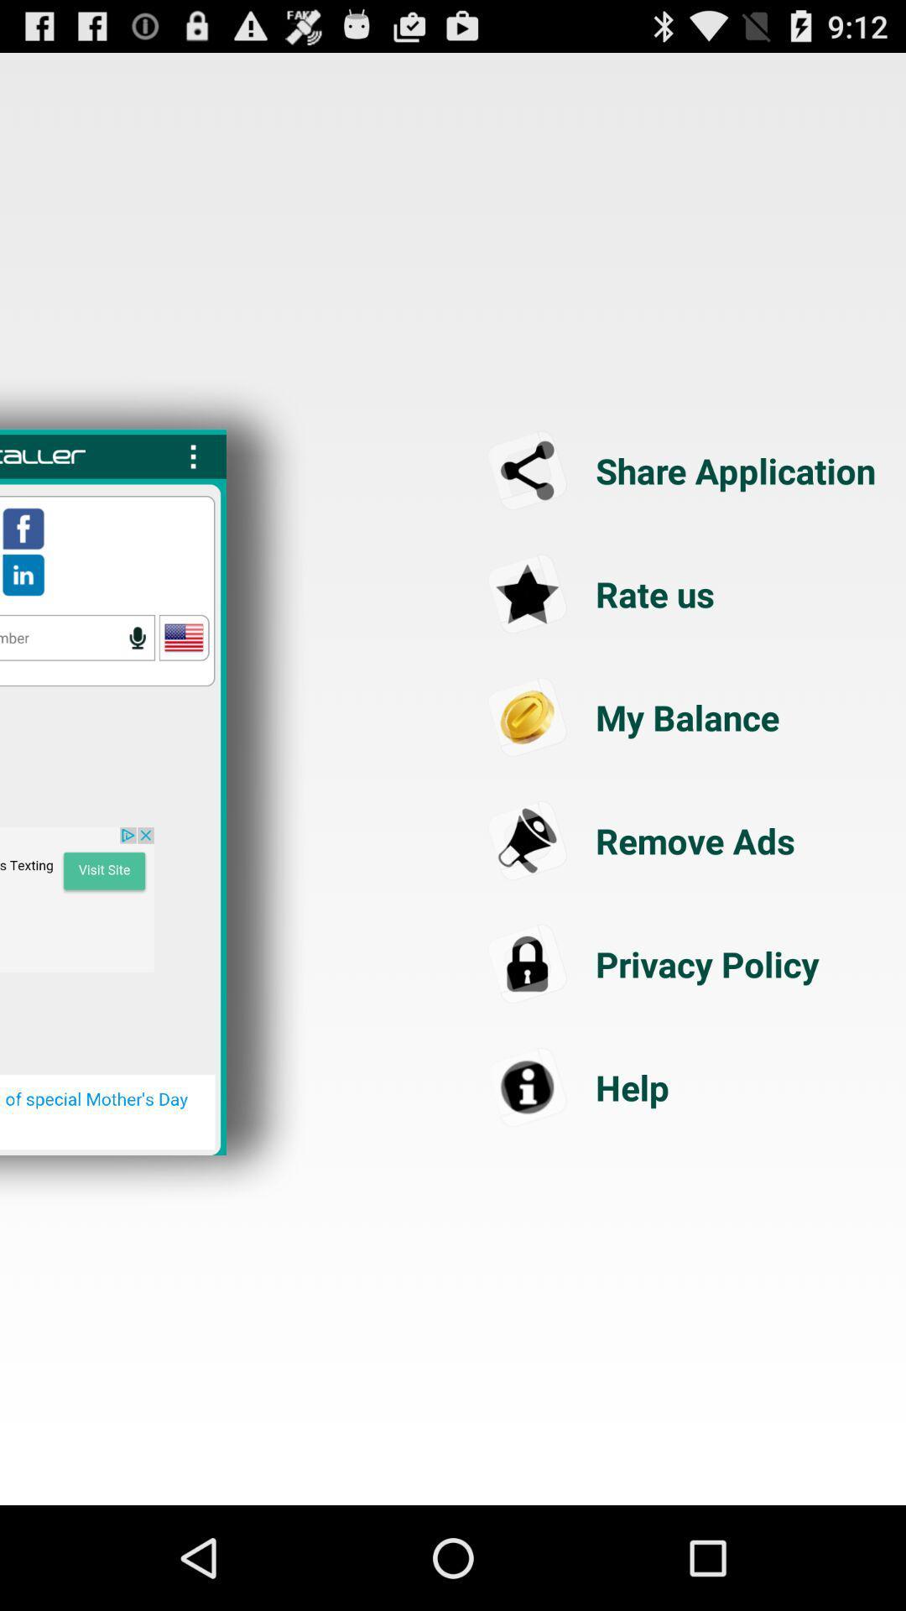 This screenshot has width=906, height=1611. I want to click on show more options, so click(193, 456).